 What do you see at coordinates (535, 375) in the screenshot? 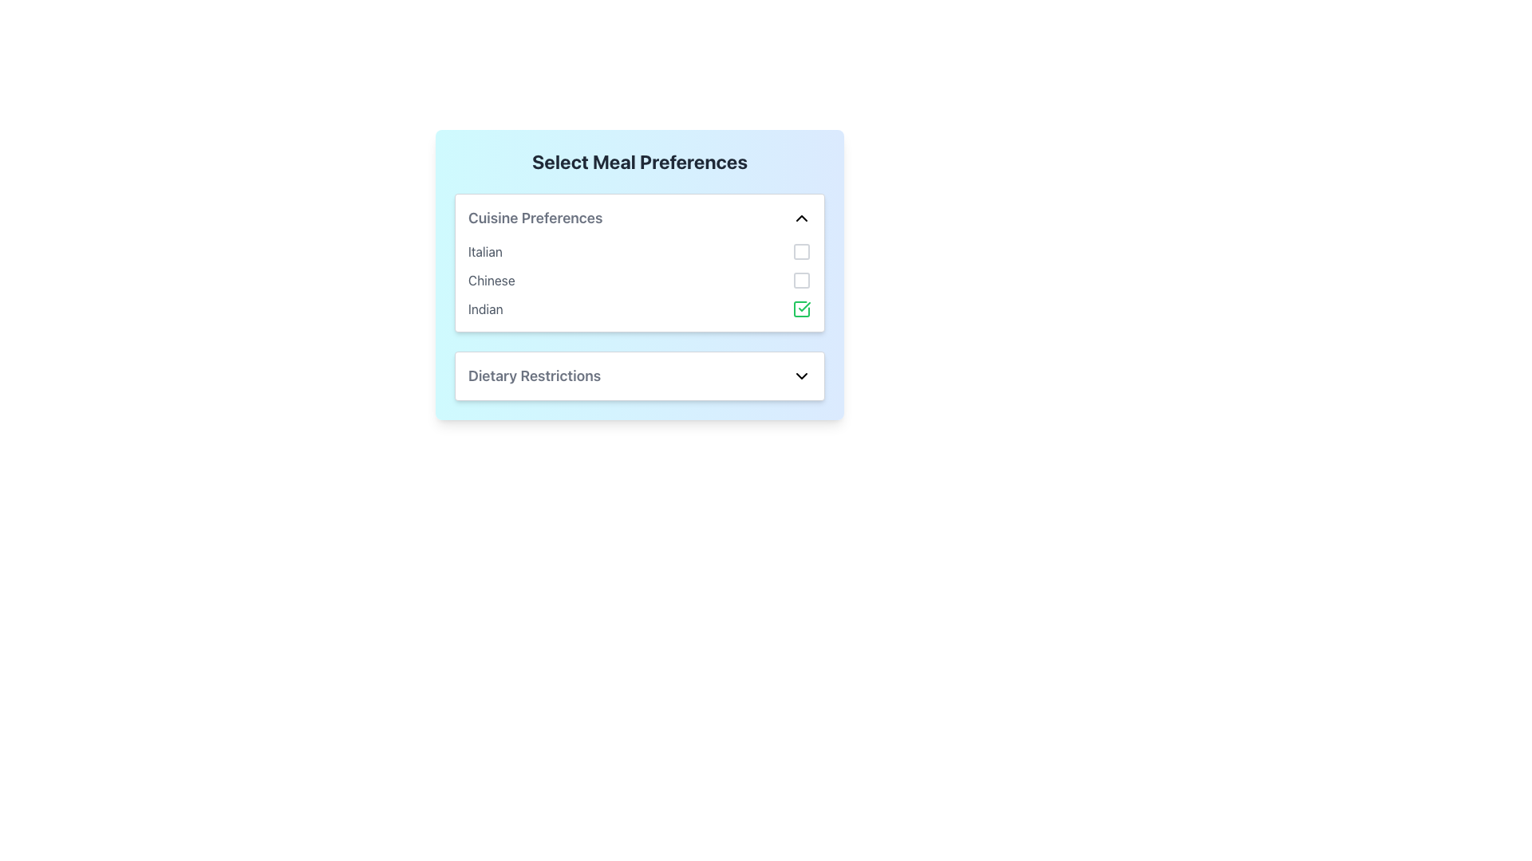
I see `the Text Label that describes dietary restrictions, located within the 'Select Meal Preferences' panel, positioned to the left of the dropdown caret icon` at bounding box center [535, 375].